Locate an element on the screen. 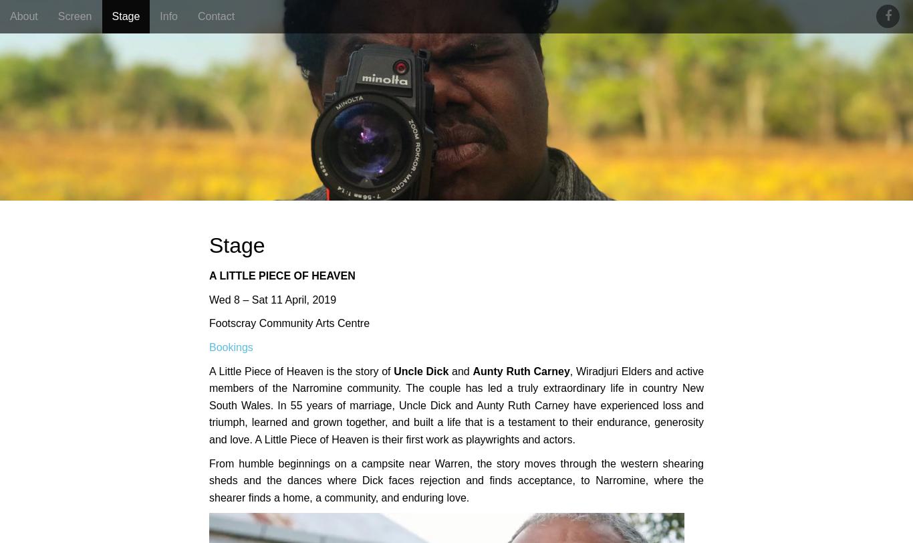  'From humble beginnings on a campsite near Warren, the story moves through the western shearing sheds and the dances where Dick faces rejection and finds acceptance, to Narromine, where the shearer finds a home, a community, and enduring love.' is located at coordinates (456, 479).